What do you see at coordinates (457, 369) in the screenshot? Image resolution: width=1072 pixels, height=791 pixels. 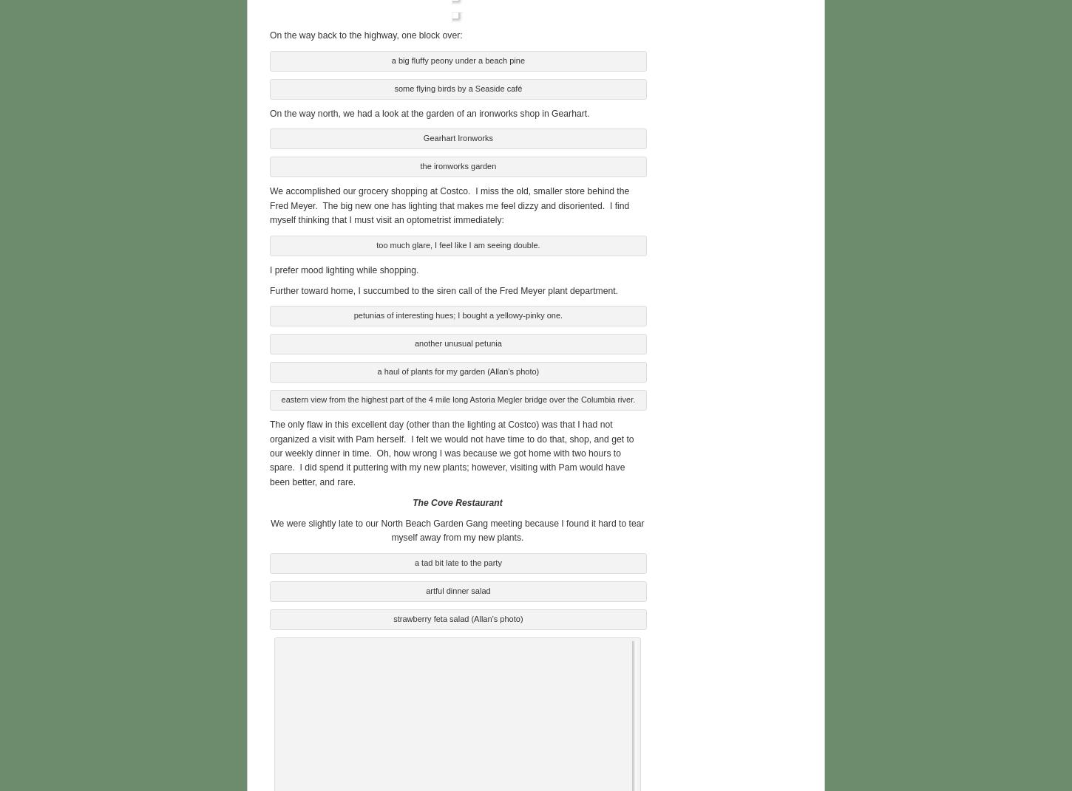 I see `'a haul of plants for my garden (Allan’s photo)'` at bounding box center [457, 369].